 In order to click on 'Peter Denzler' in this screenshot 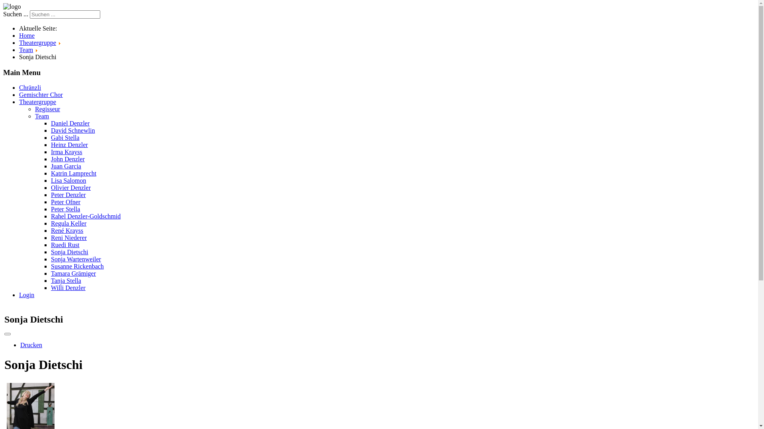, I will do `click(51, 195)`.